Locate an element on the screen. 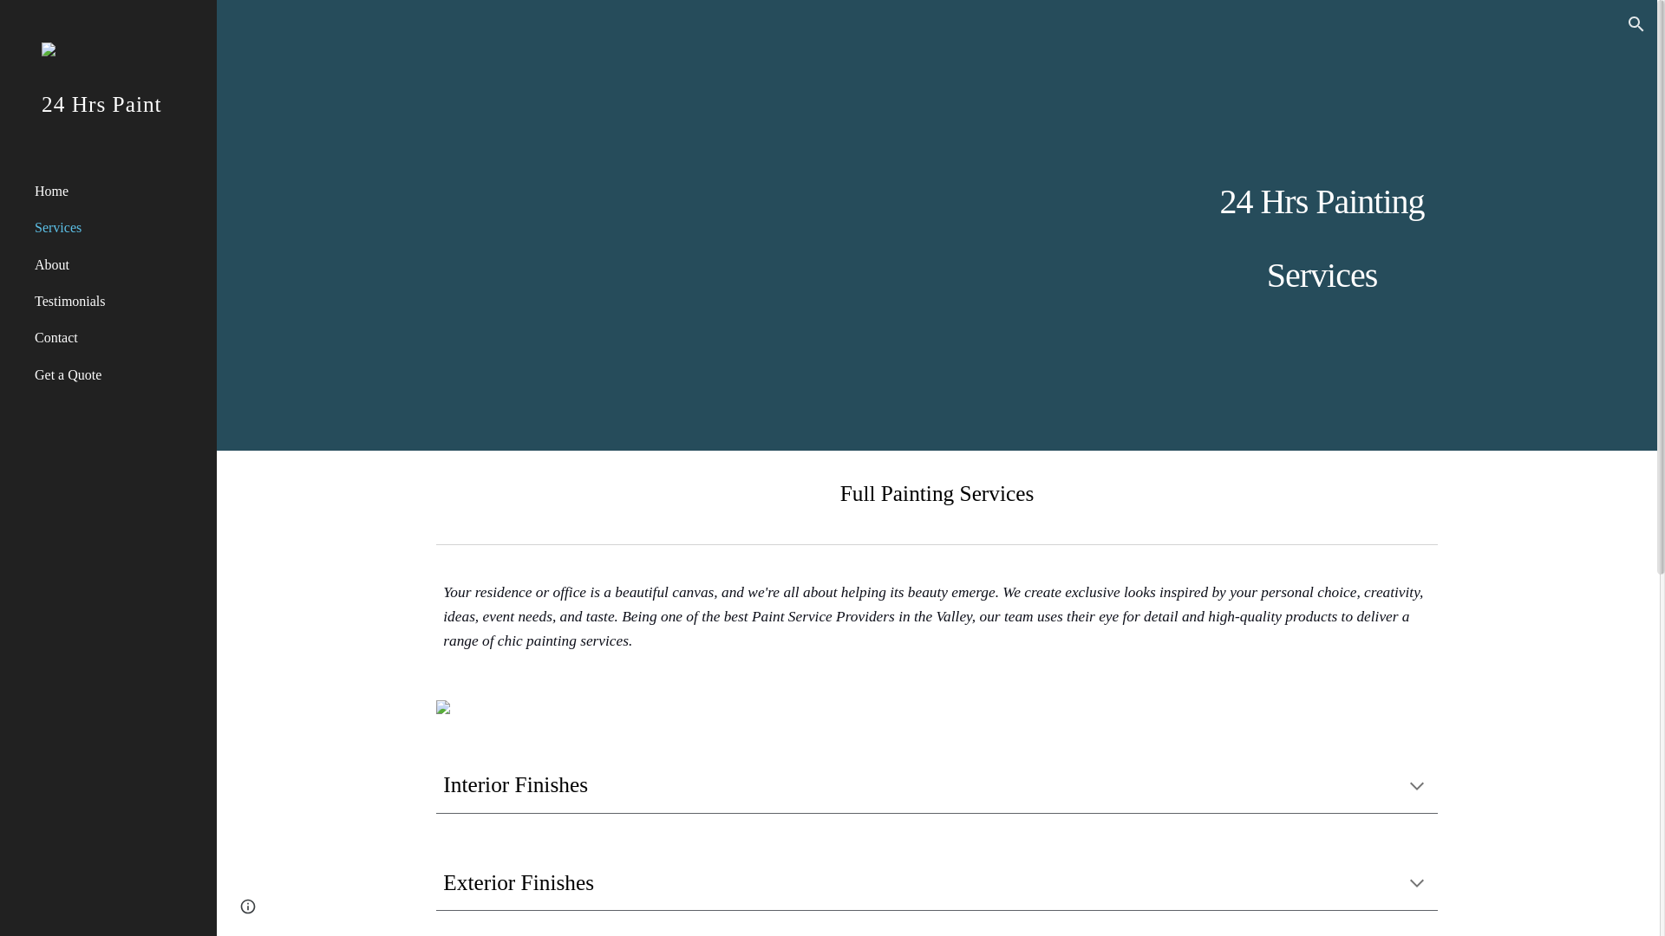 The width and height of the screenshot is (1665, 936). 'Get a Quote' is located at coordinates (118, 374).